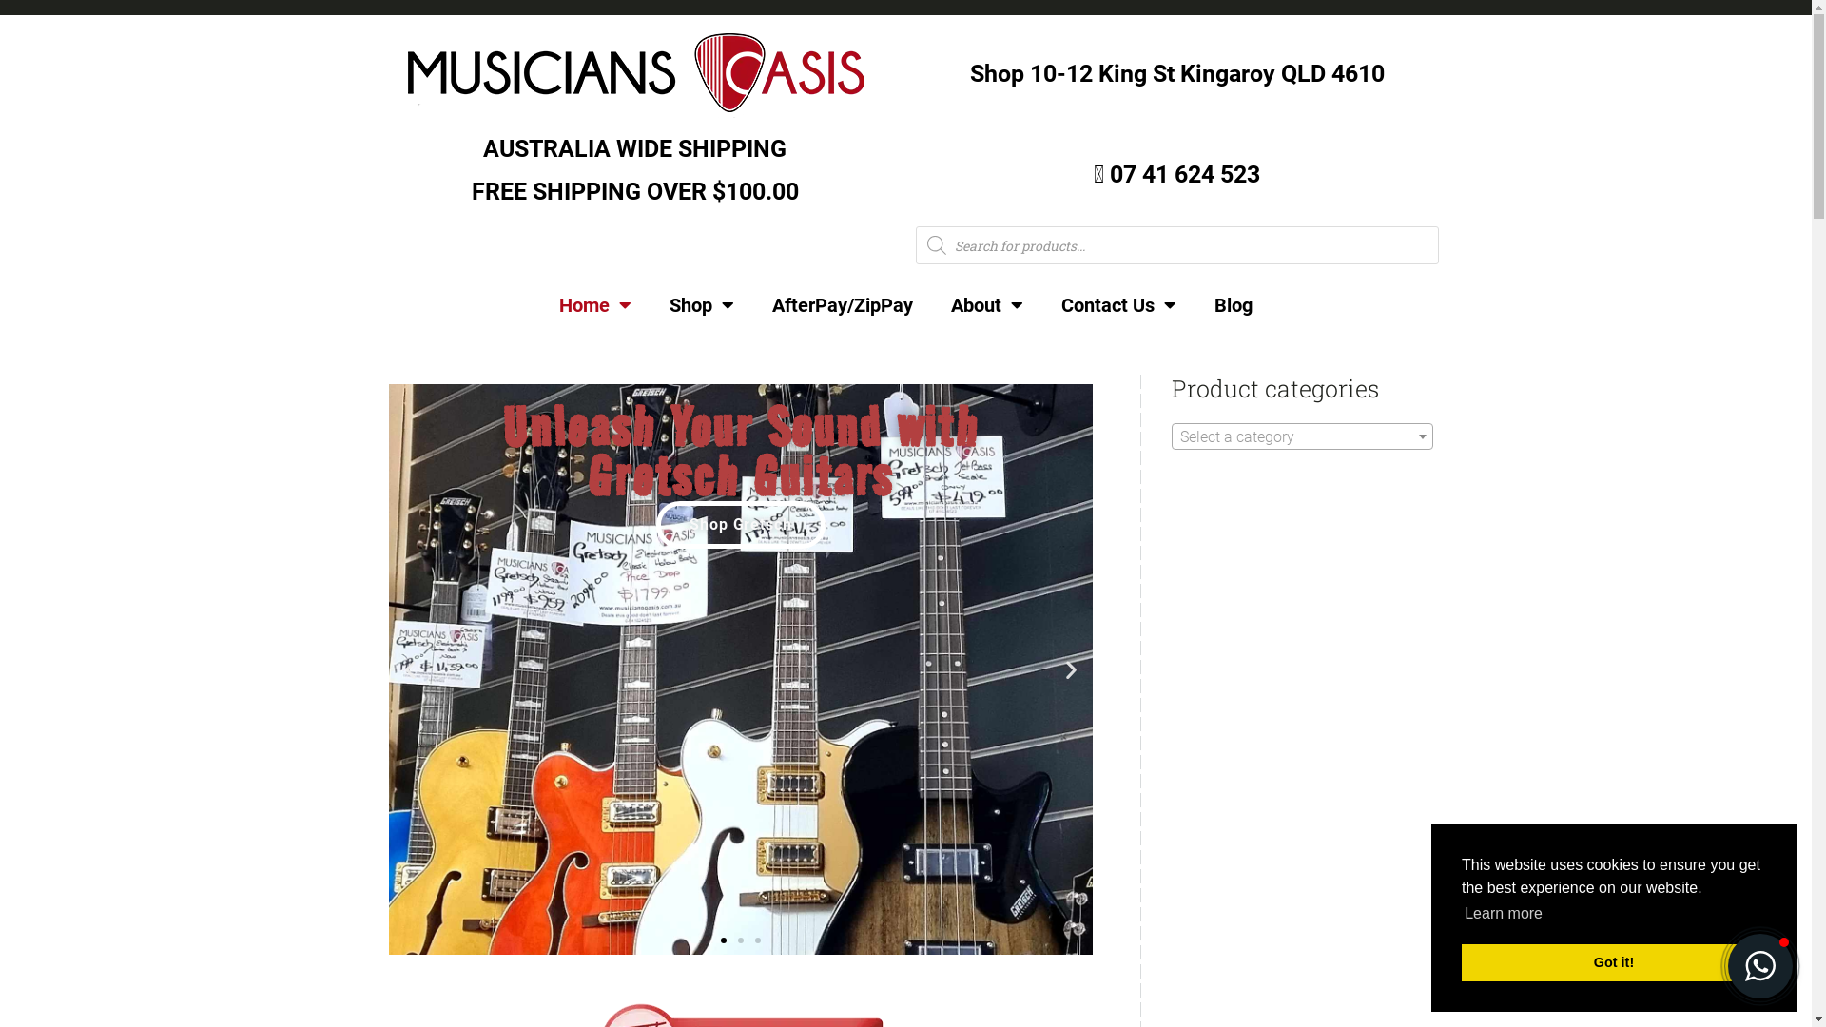  What do you see at coordinates (1233, 303) in the screenshot?
I see `'Blog'` at bounding box center [1233, 303].